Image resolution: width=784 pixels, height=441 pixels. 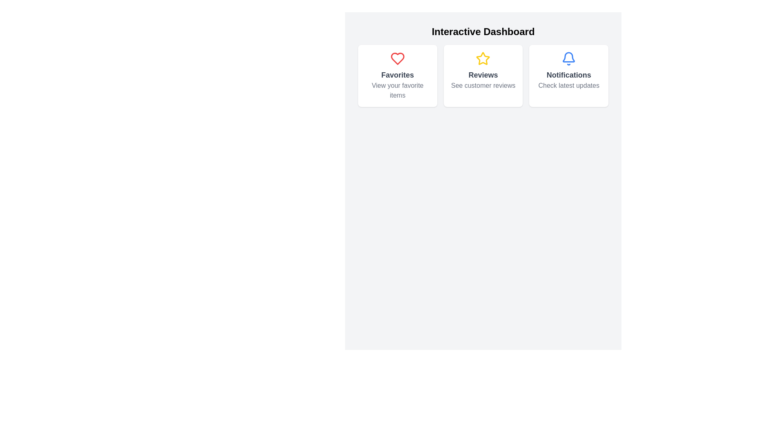 I want to click on the text label that provides additional information related to notifications, located centrally within the card component under the 'Notifications' section, so click(x=568, y=85).